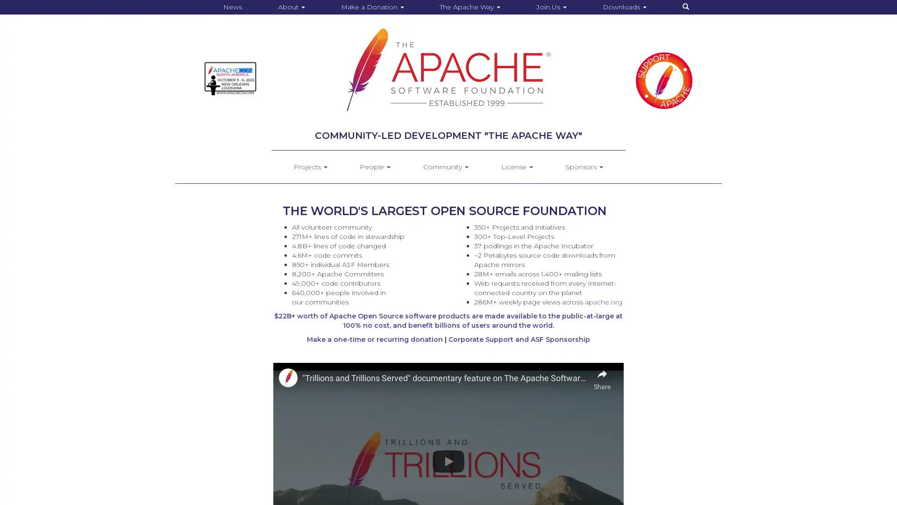  I want to click on Community, so click(445, 166).